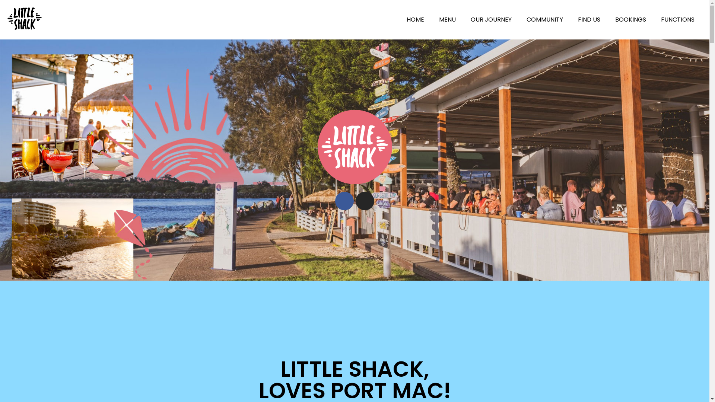 Image resolution: width=715 pixels, height=402 pixels. I want to click on 'FUNCTIONS', so click(677, 19).